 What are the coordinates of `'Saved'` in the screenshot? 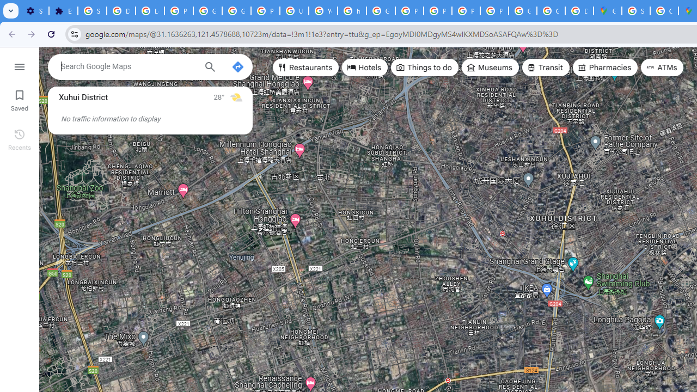 It's located at (19, 99).